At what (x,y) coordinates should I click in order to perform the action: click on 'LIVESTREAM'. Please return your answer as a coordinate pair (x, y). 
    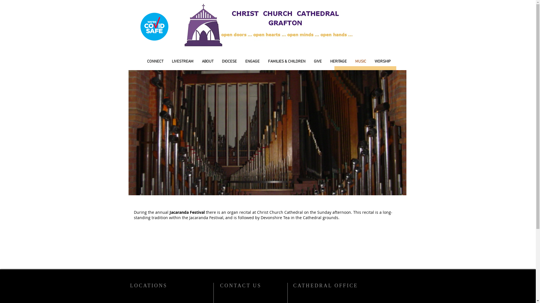
    Looking at the image, I should click on (183, 61).